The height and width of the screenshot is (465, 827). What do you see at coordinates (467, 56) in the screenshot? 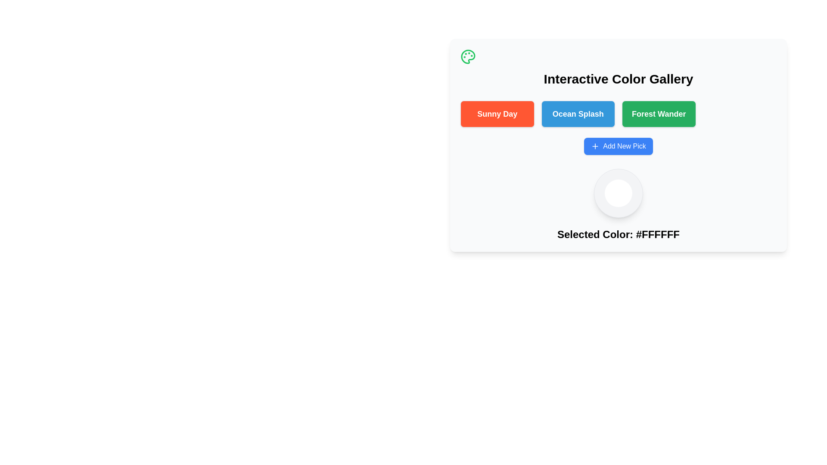
I see `the painter's palette icon with a green stroke and circular paint dots, located at the top-left corner of the 'Interactive Color Gallery' section` at bounding box center [467, 56].